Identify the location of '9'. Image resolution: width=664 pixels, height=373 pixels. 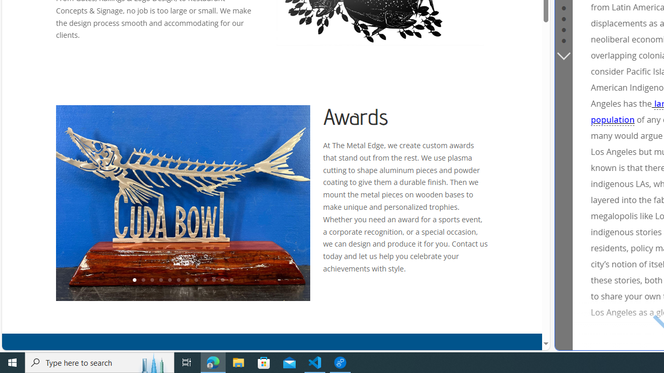
(204, 280).